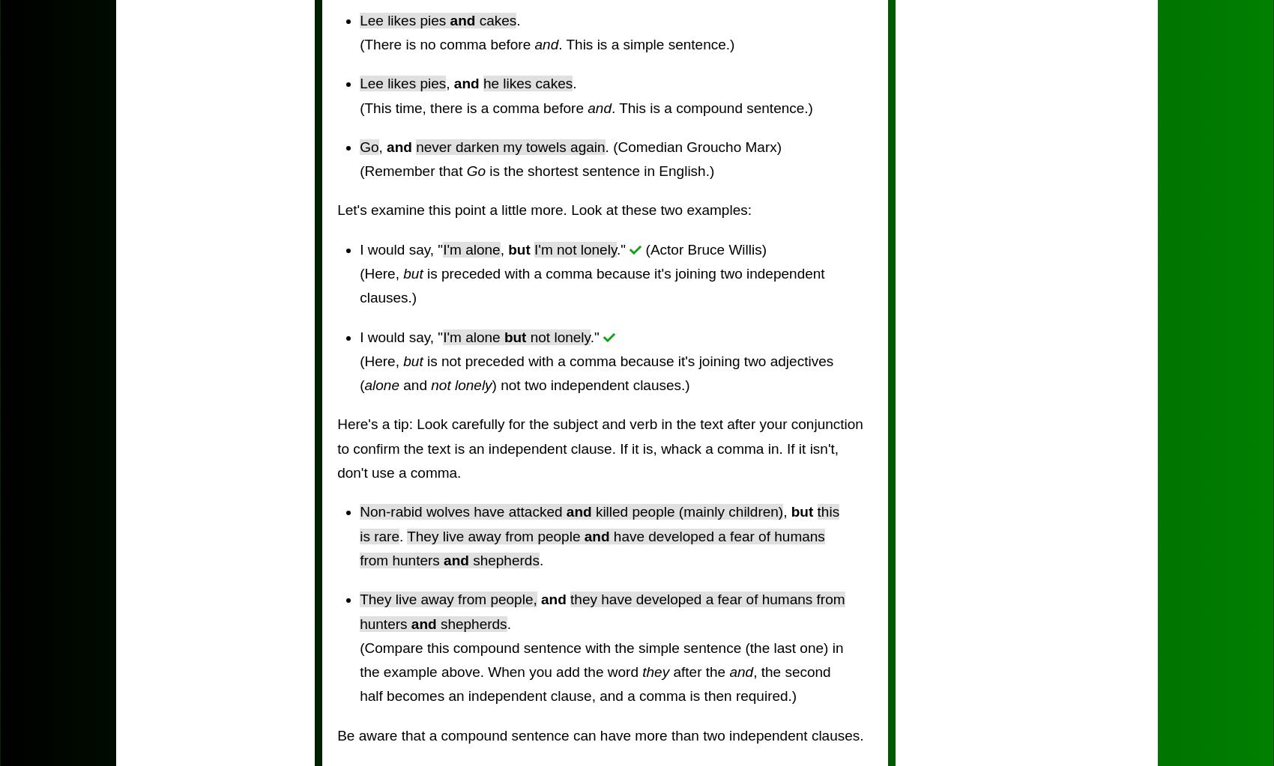 This screenshot has height=766, width=1274. I want to click on '(Remember that', so click(411, 170).